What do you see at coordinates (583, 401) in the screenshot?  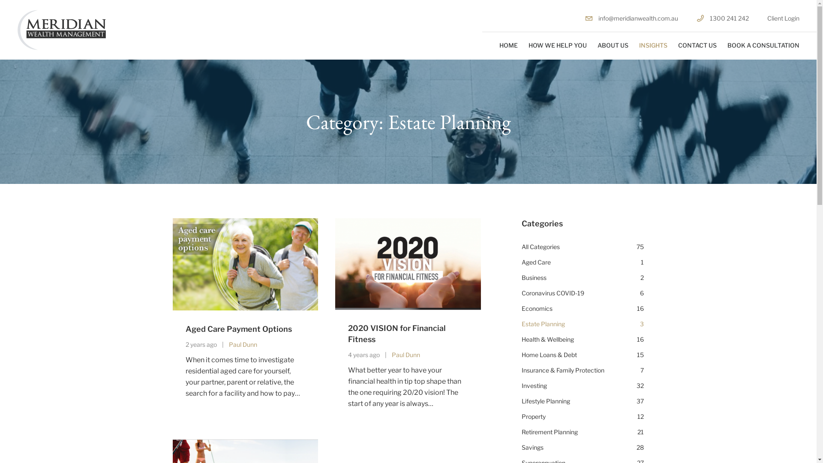 I see `'Lifestyle Planning` at bounding box center [583, 401].